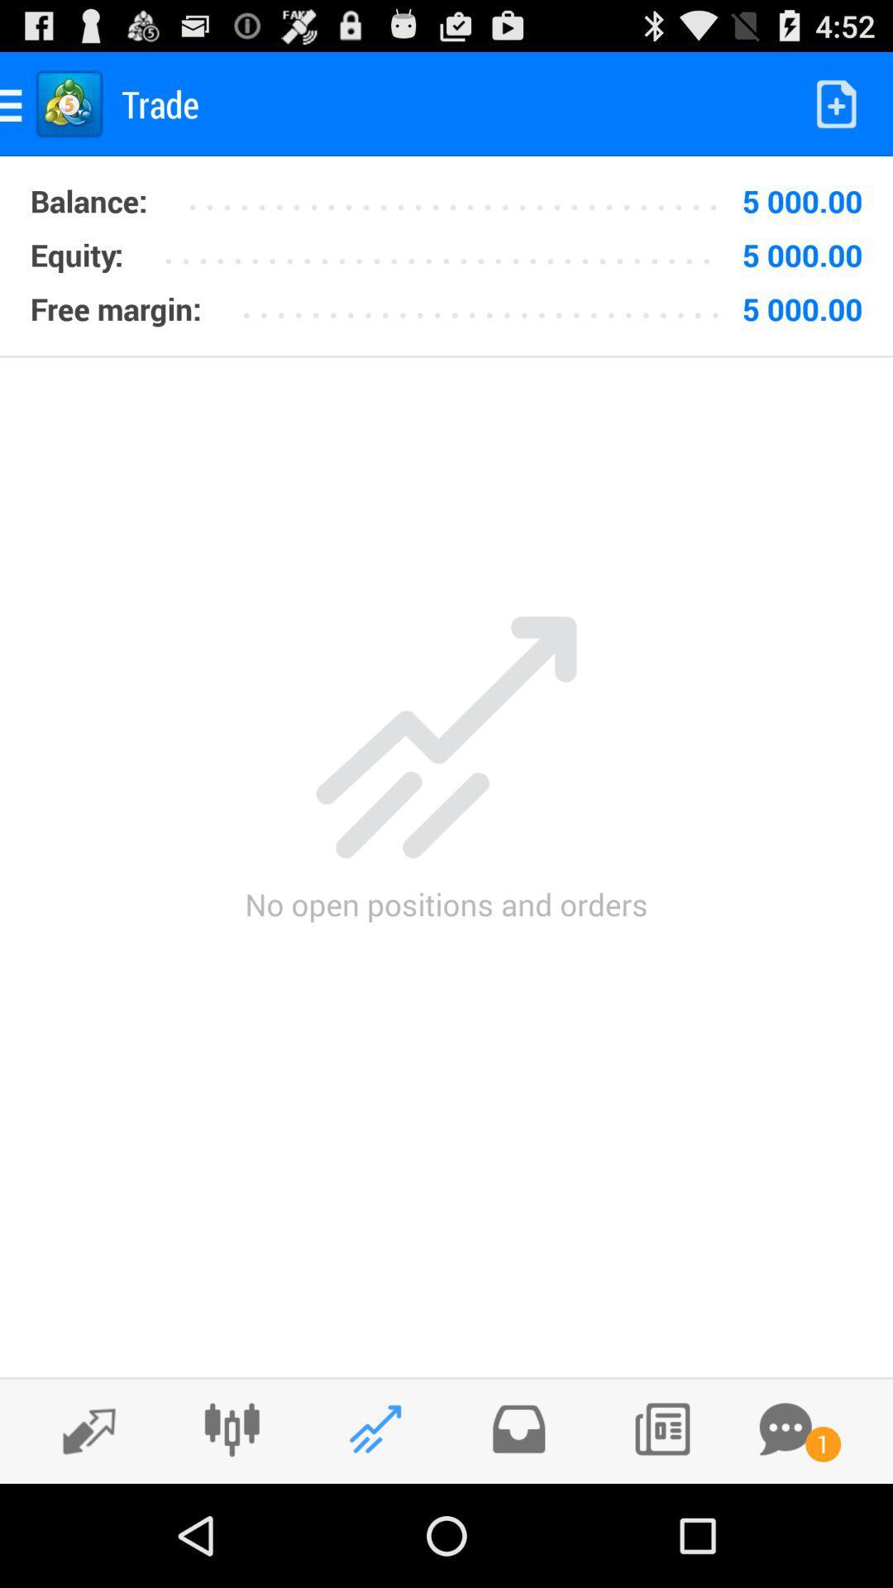  What do you see at coordinates (115, 309) in the screenshot?
I see `the item below equity: item` at bounding box center [115, 309].